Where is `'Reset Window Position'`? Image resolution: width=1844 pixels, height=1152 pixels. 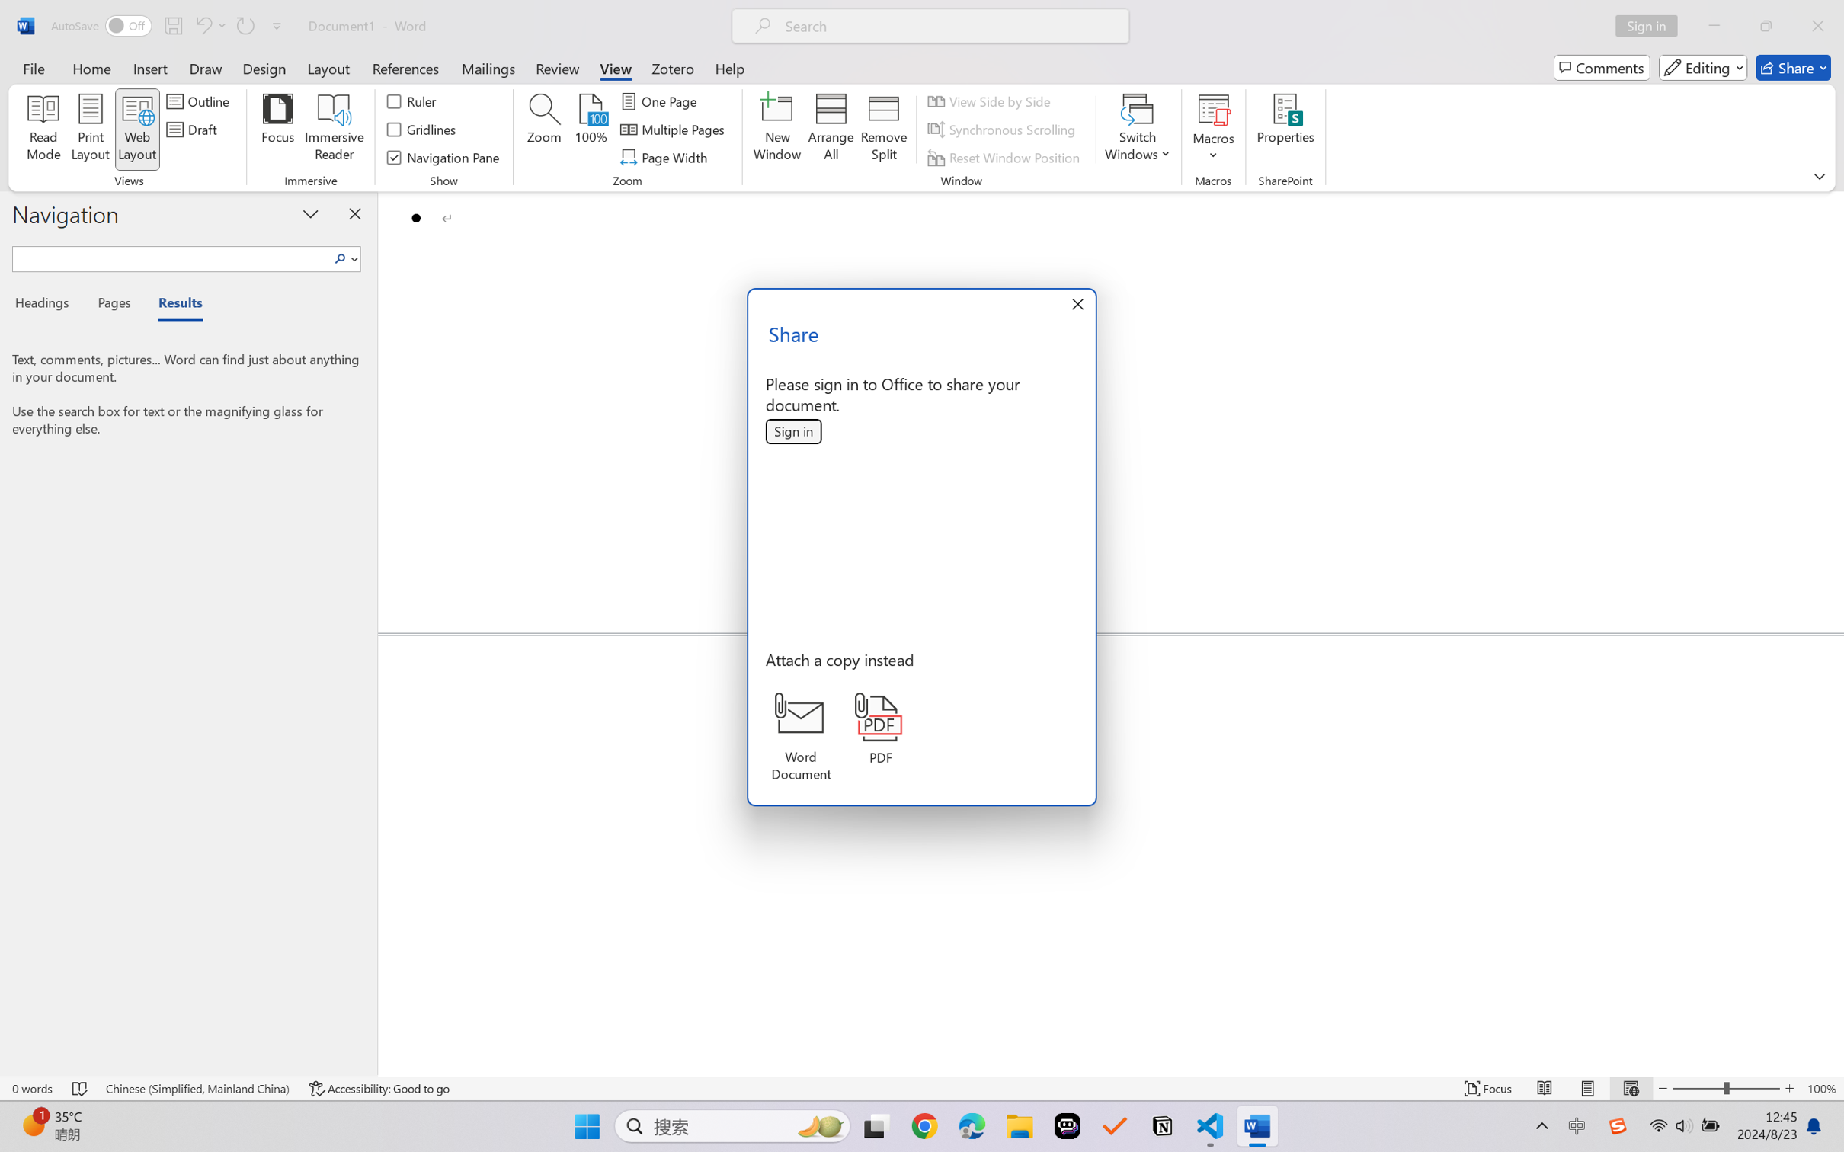
'Reset Window Position' is located at coordinates (1007, 158).